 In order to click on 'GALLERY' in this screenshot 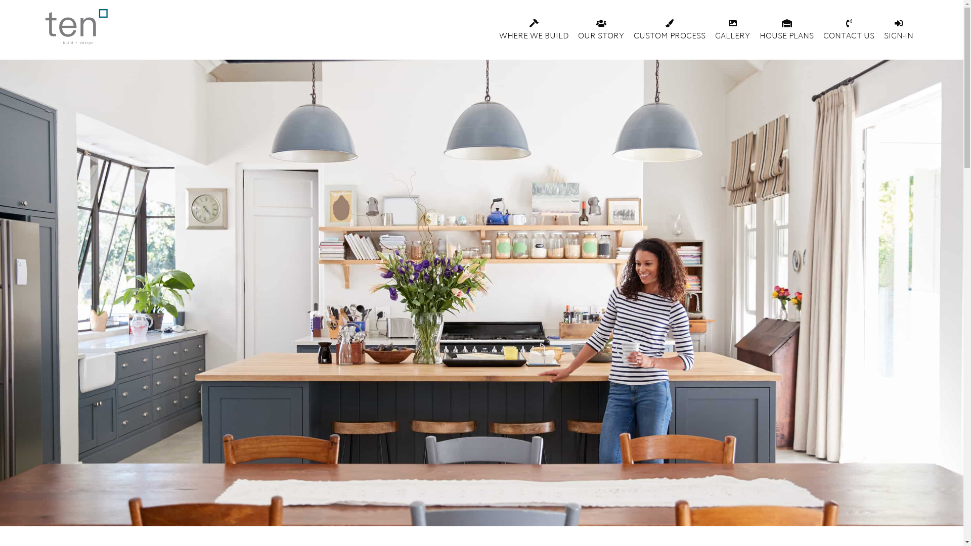, I will do `click(732, 29)`.